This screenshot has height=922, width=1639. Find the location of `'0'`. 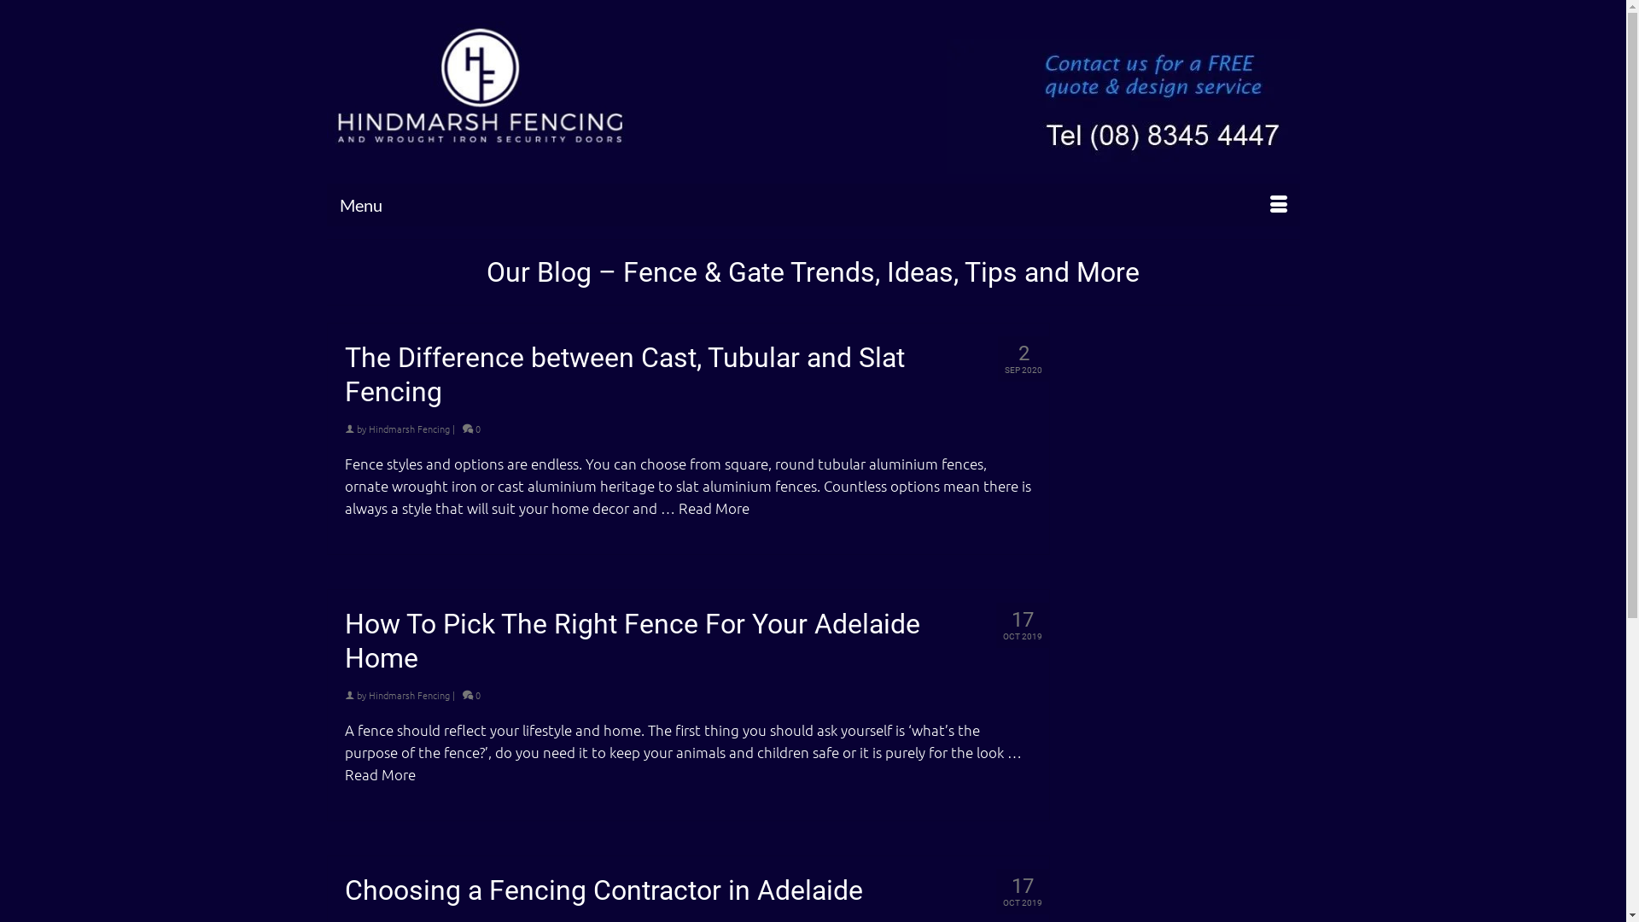

'0' is located at coordinates (463, 427).